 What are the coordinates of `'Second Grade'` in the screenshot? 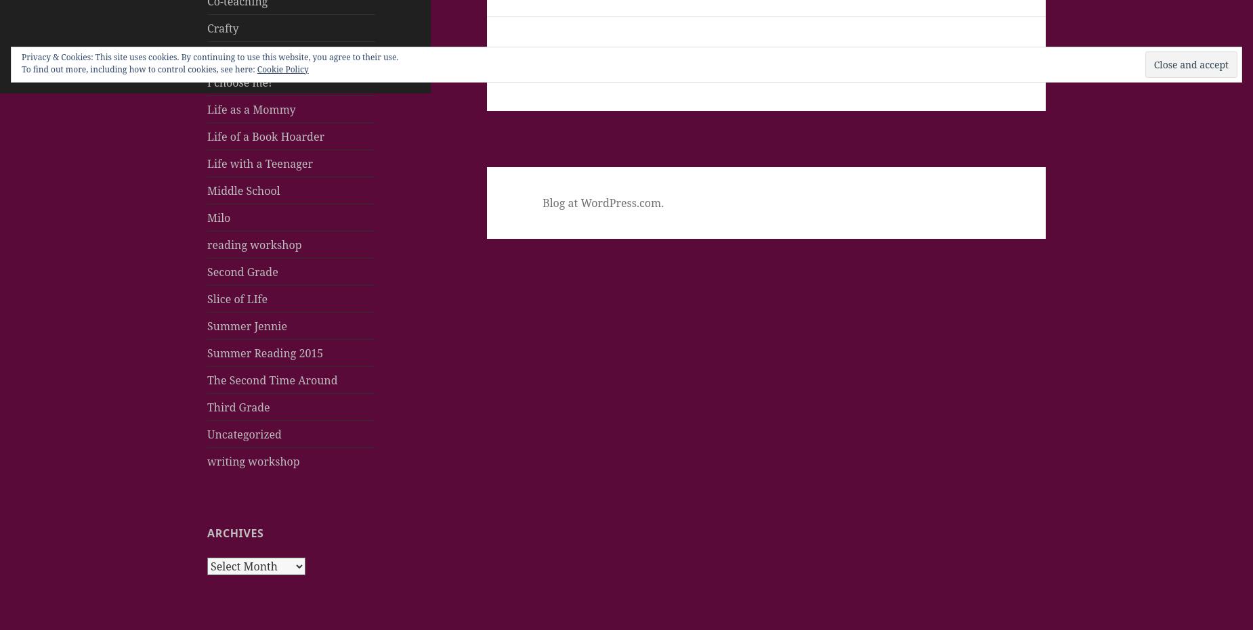 It's located at (206, 270).